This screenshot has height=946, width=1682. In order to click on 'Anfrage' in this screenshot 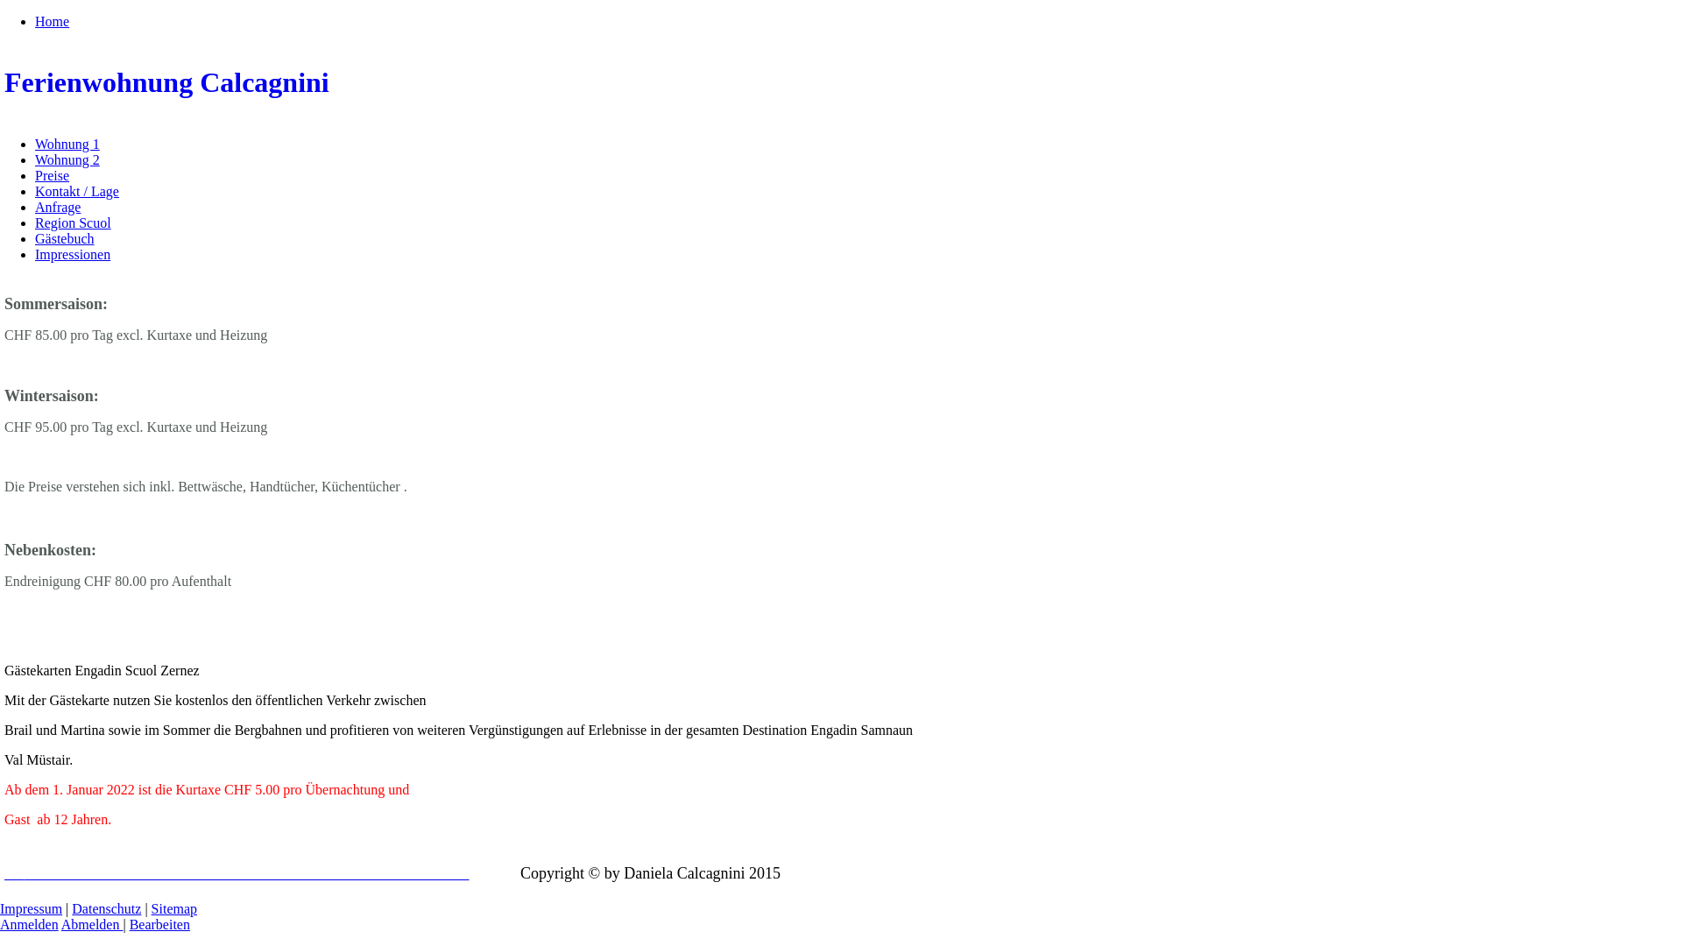, I will do `click(58, 206)`.